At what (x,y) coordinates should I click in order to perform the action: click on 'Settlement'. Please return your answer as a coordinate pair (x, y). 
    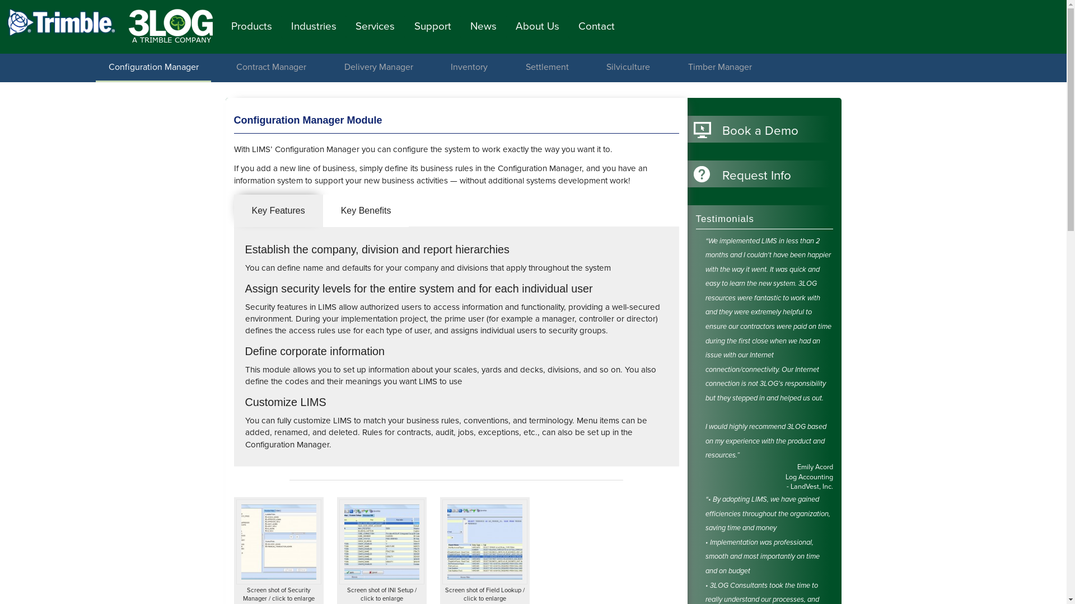
    Looking at the image, I should click on (547, 67).